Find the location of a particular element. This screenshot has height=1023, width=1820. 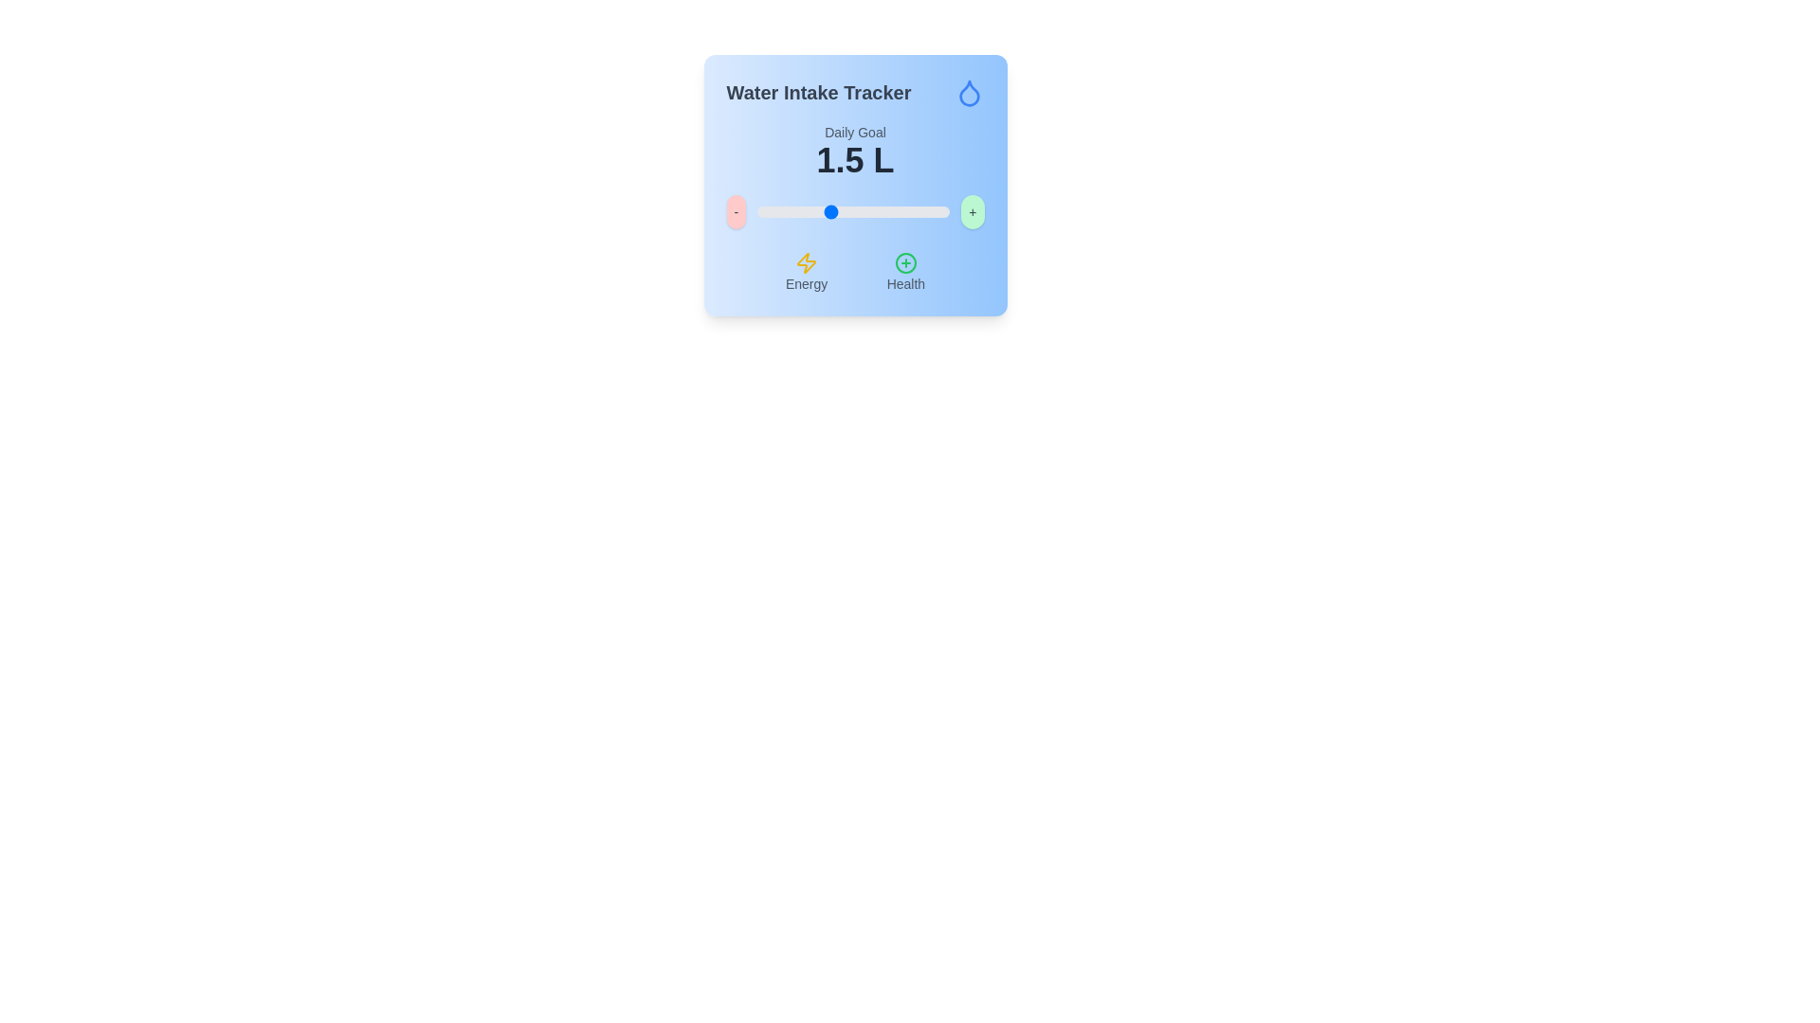

the slider is located at coordinates (852, 211).